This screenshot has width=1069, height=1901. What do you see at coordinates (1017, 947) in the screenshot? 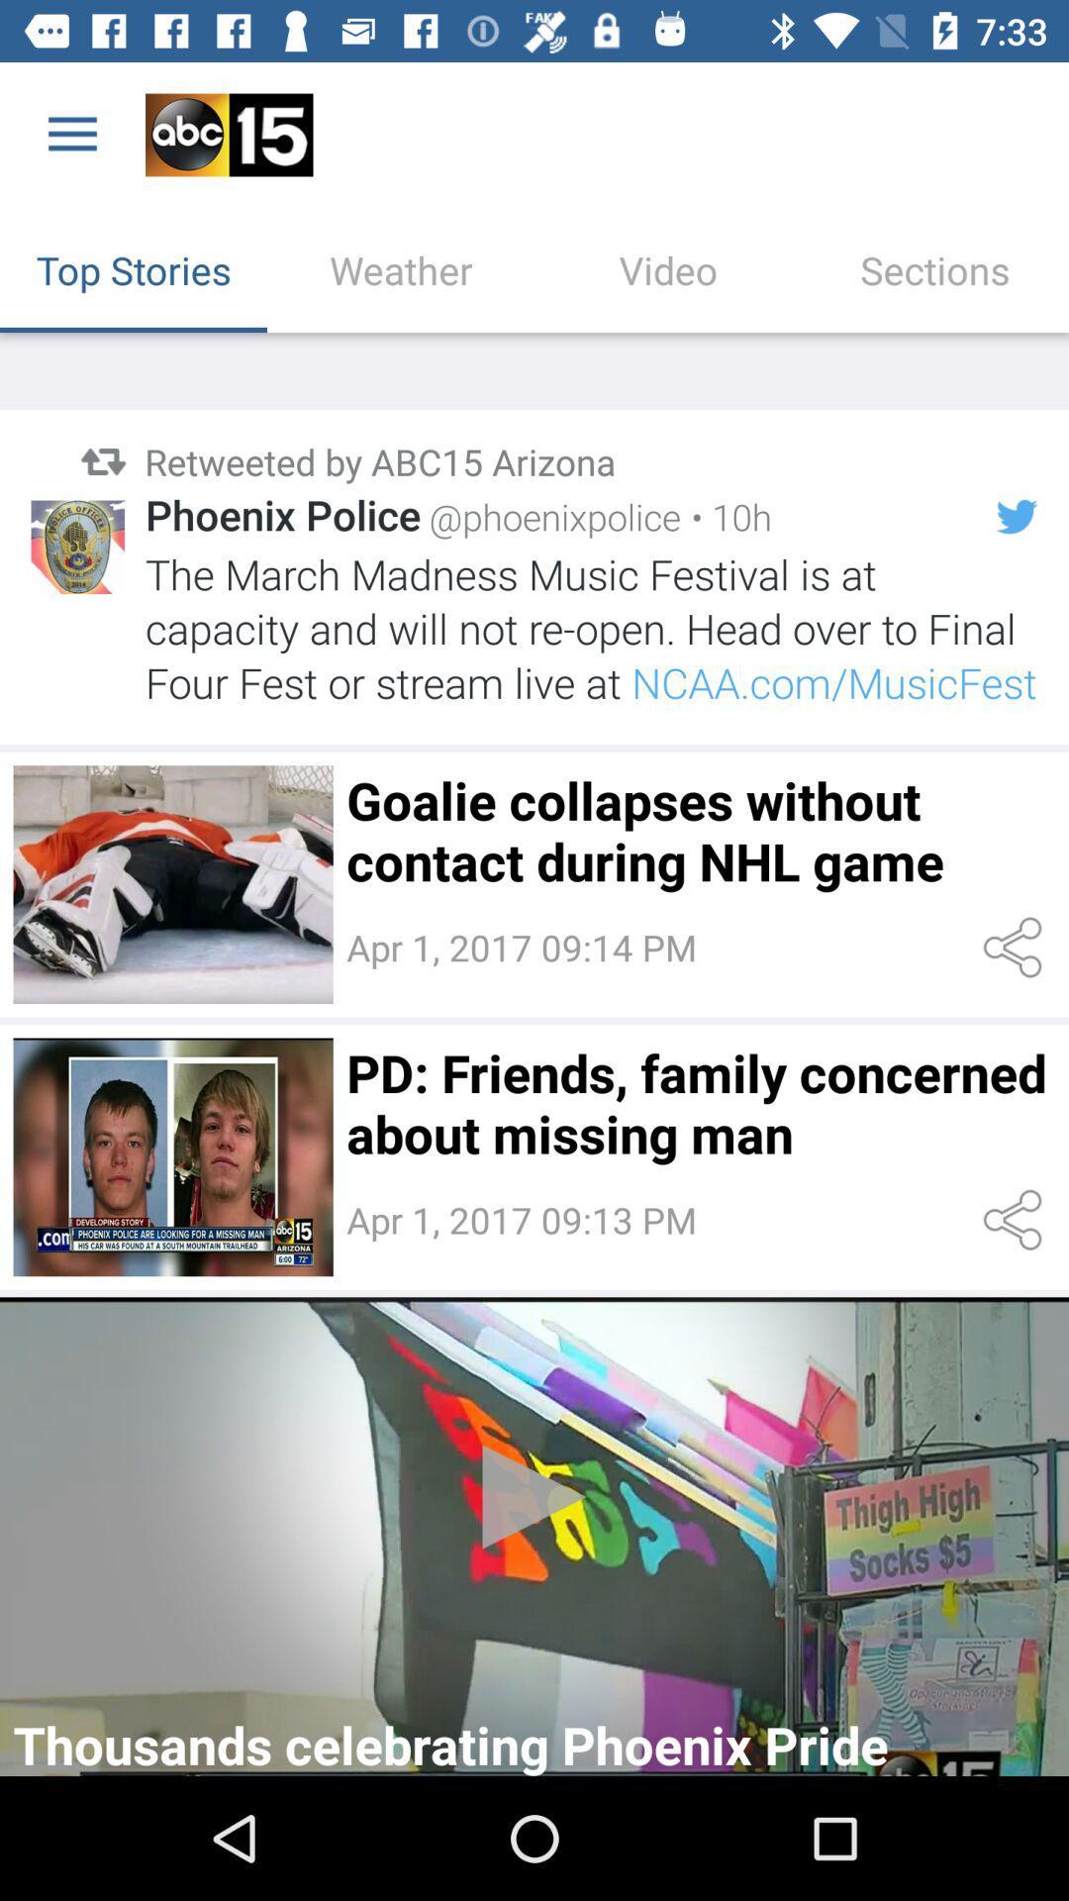
I see `share the article` at bounding box center [1017, 947].